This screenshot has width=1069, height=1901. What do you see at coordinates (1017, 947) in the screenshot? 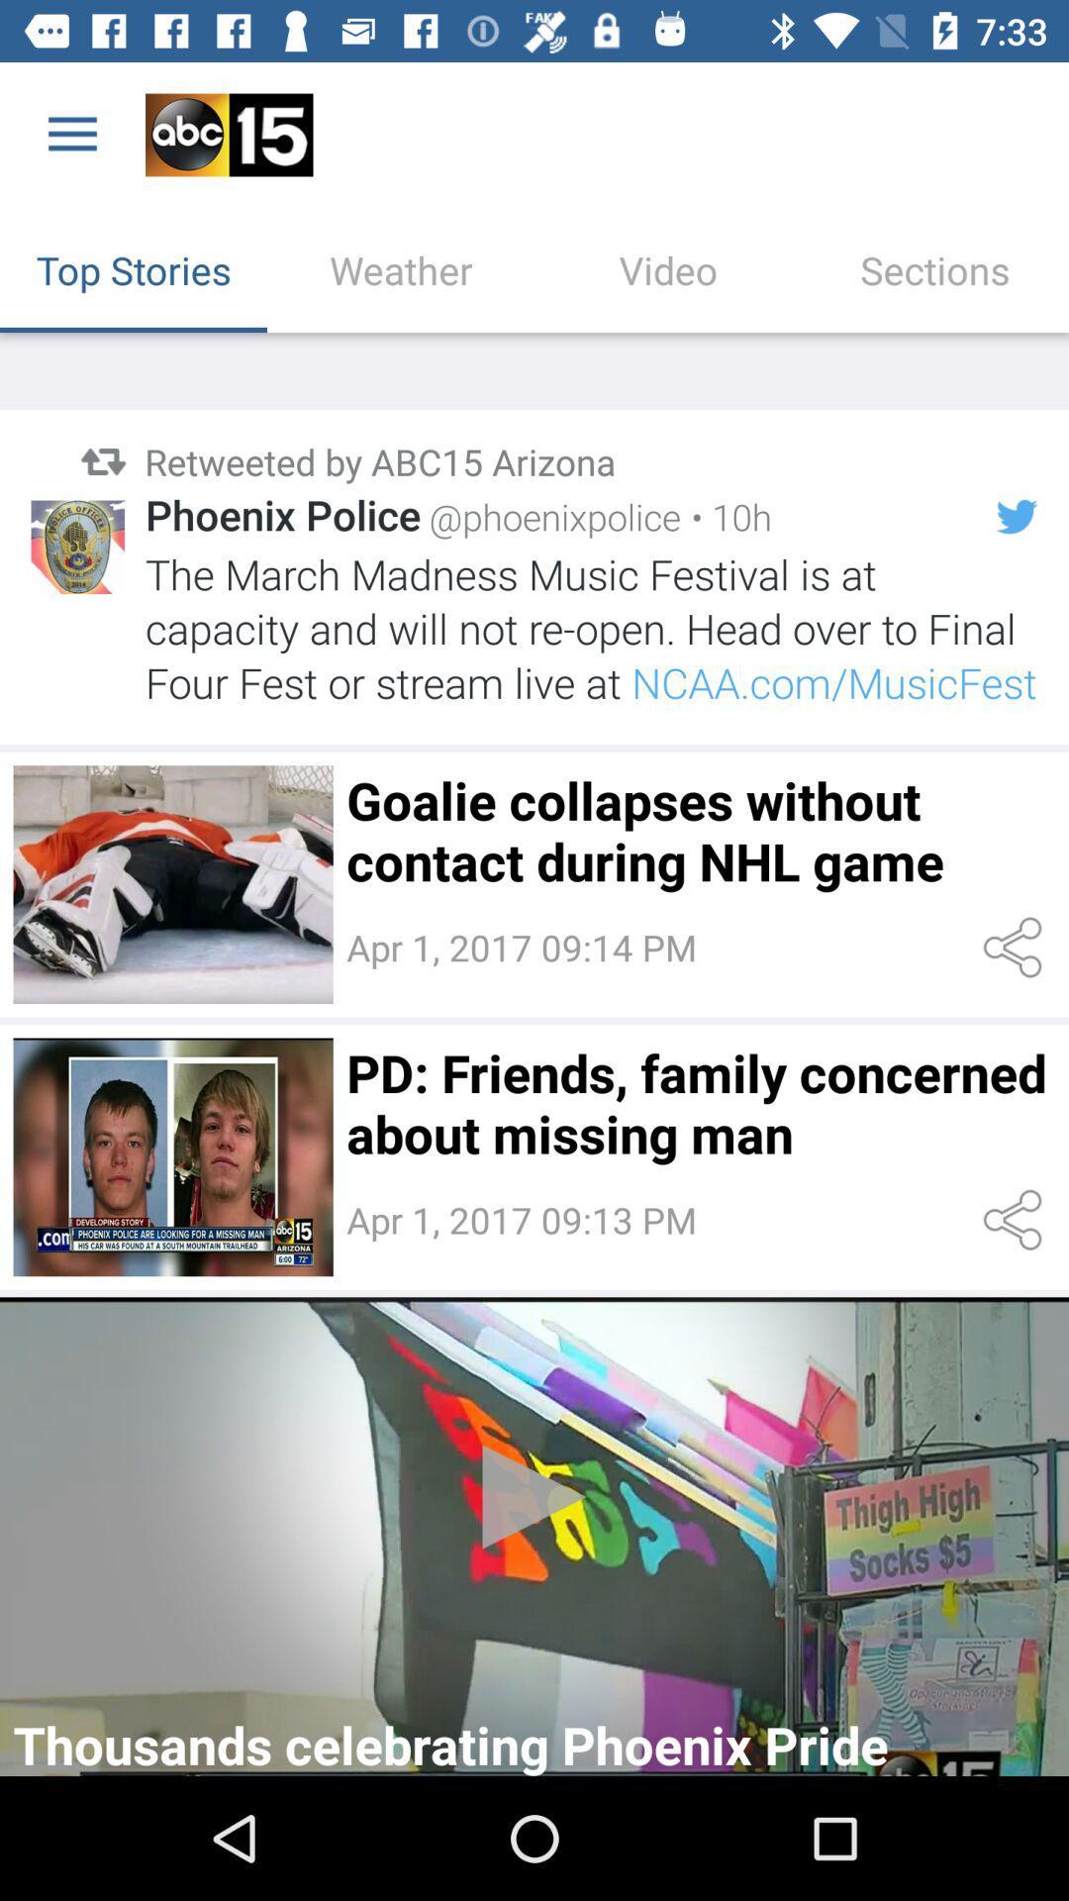
I see `share the article` at bounding box center [1017, 947].